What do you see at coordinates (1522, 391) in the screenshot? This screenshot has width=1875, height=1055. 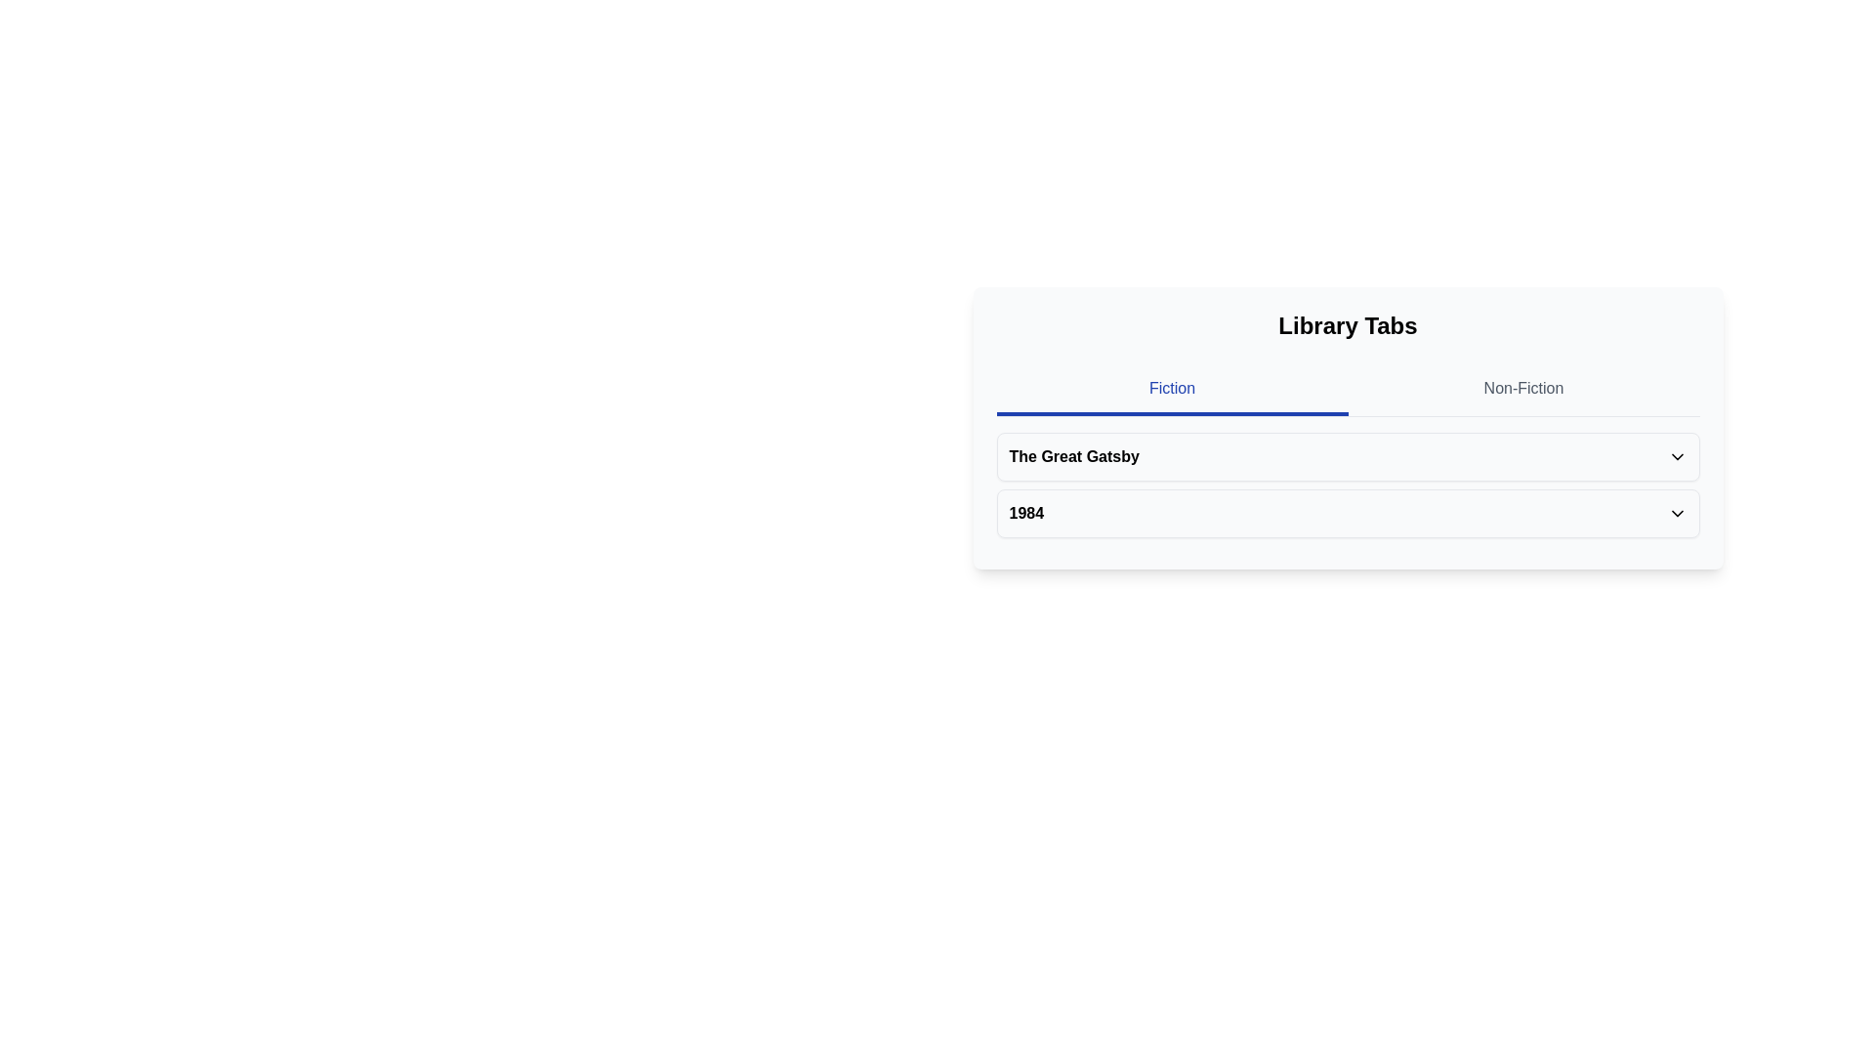 I see `the 'Non-Fiction' tab, which is a horizontally oriented text label with a gray font color, located on the right side of the tab group` at bounding box center [1522, 391].